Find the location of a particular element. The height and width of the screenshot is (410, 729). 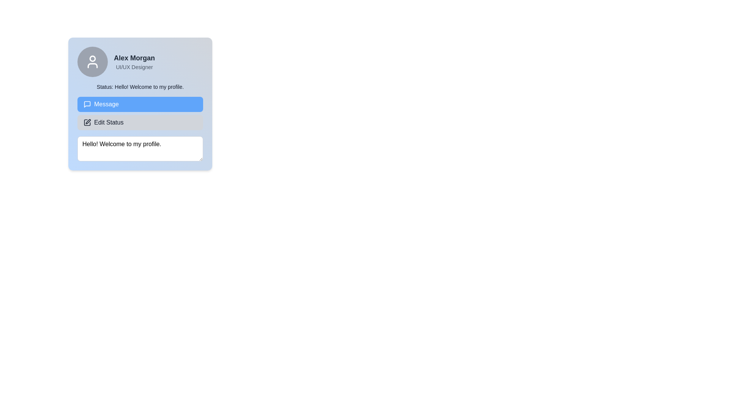

the circular graphical icon representing a user avatar located at the top-left corner of the user profile card is located at coordinates (92, 58).